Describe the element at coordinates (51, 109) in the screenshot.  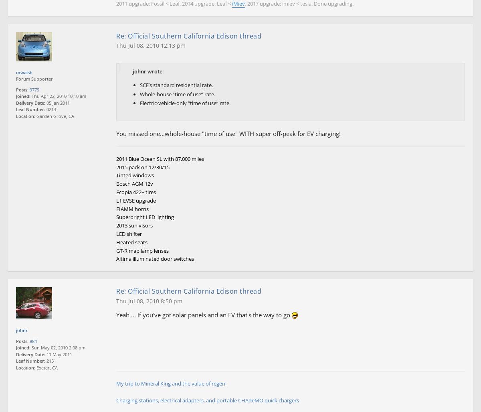
I see `'0213'` at that location.